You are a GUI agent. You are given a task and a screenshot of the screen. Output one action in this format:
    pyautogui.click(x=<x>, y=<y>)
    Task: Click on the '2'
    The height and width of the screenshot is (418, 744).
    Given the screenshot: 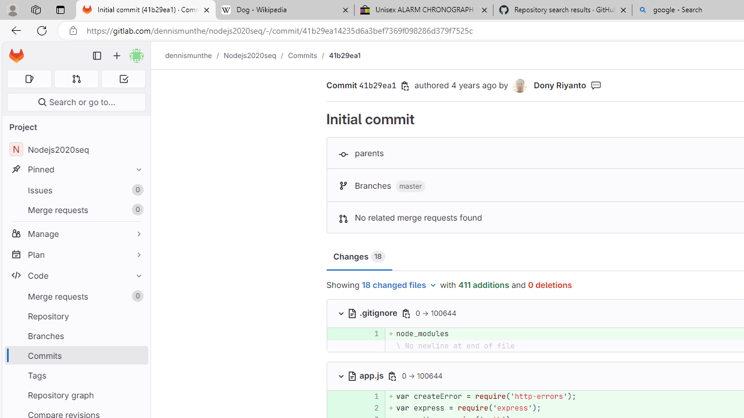 What is the action you would take?
    pyautogui.click(x=368, y=407)
    